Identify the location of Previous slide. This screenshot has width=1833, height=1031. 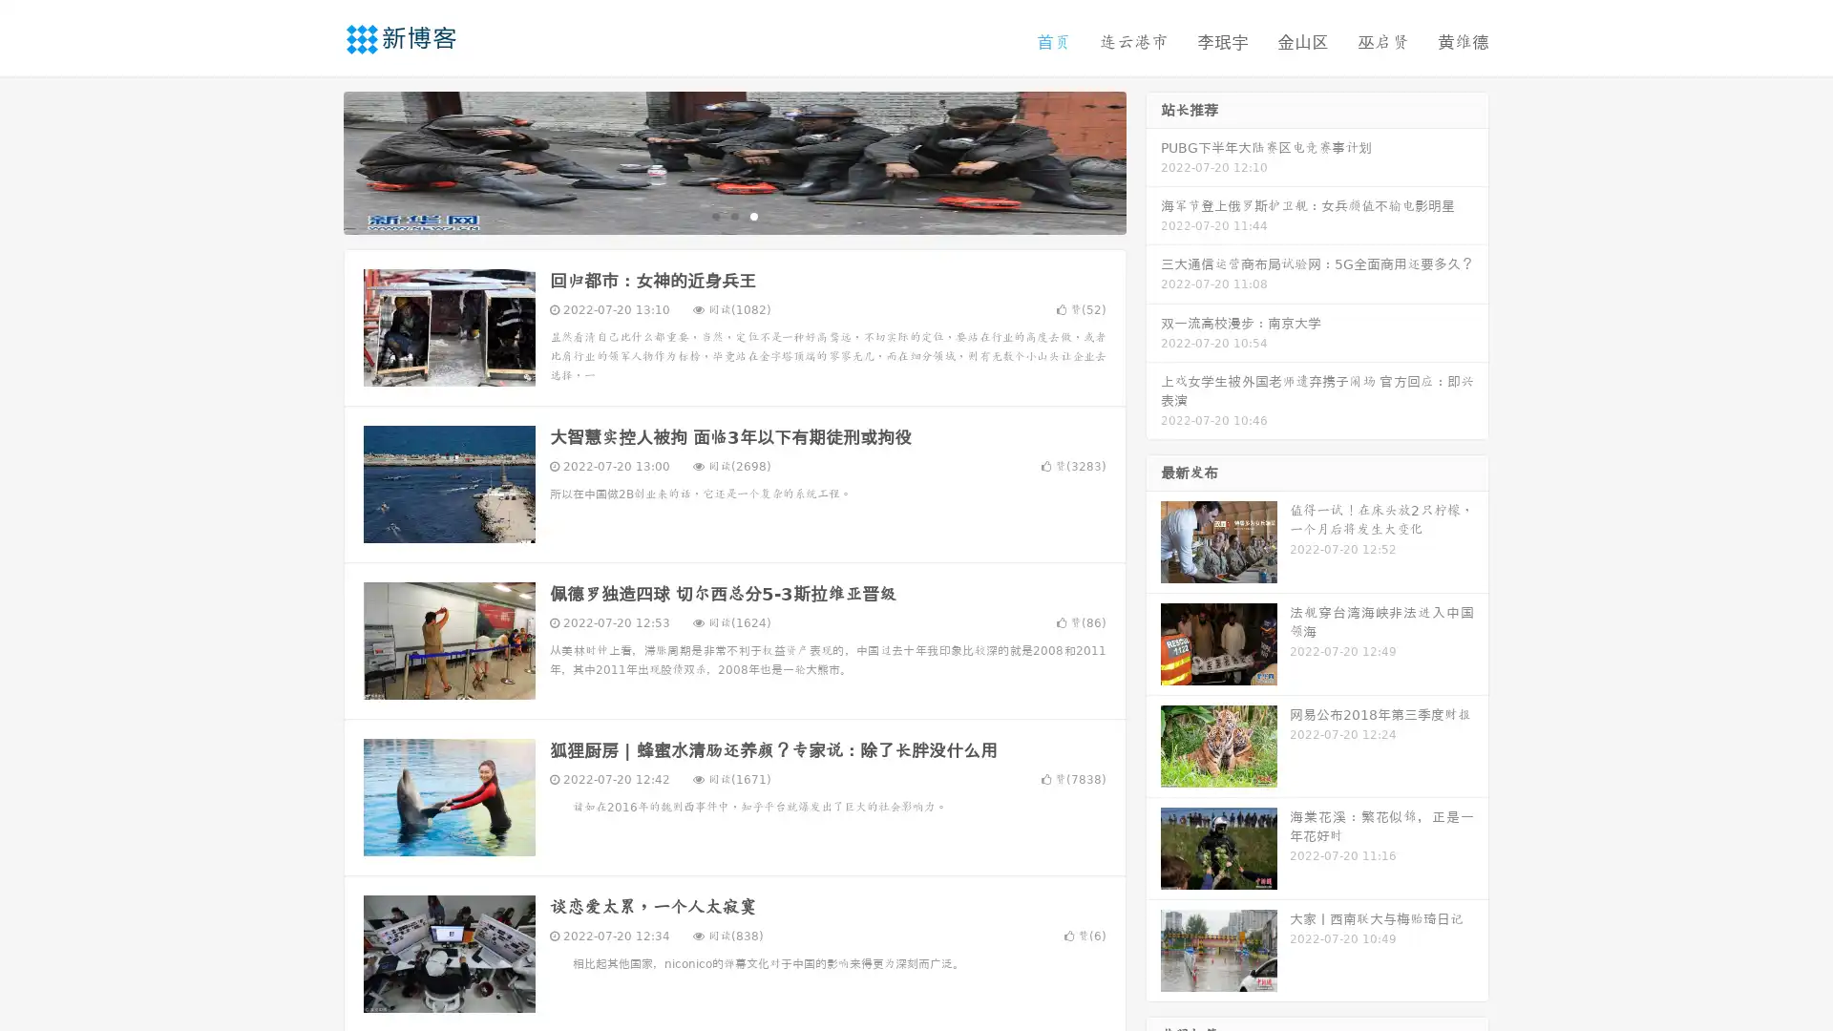
(315, 160).